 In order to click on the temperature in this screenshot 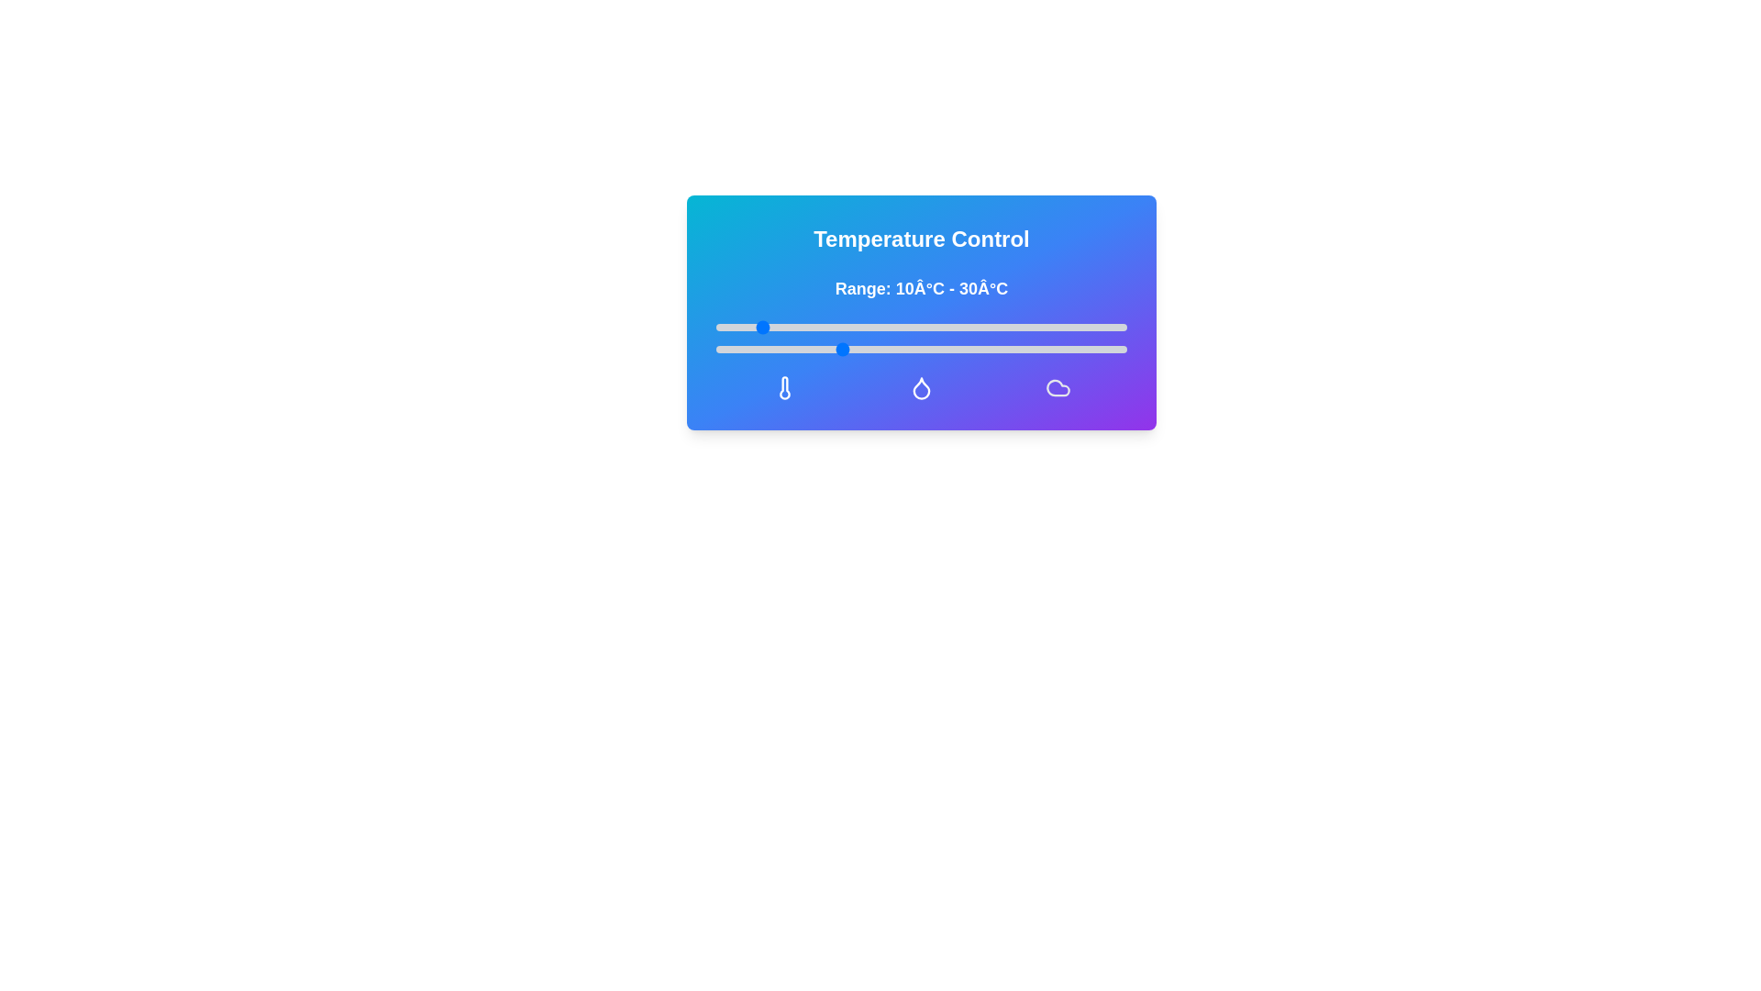, I will do `click(1065, 327)`.